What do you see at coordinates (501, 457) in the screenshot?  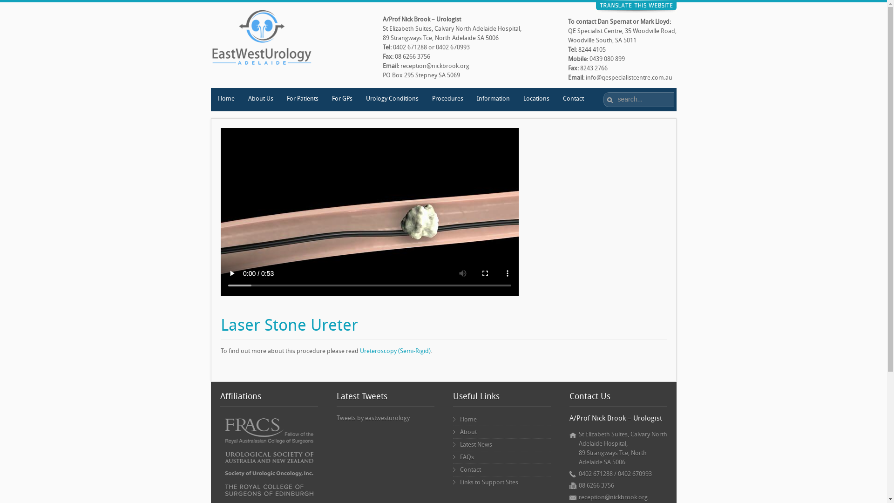 I see `'FAQs'` at bounding box center [501, 457].